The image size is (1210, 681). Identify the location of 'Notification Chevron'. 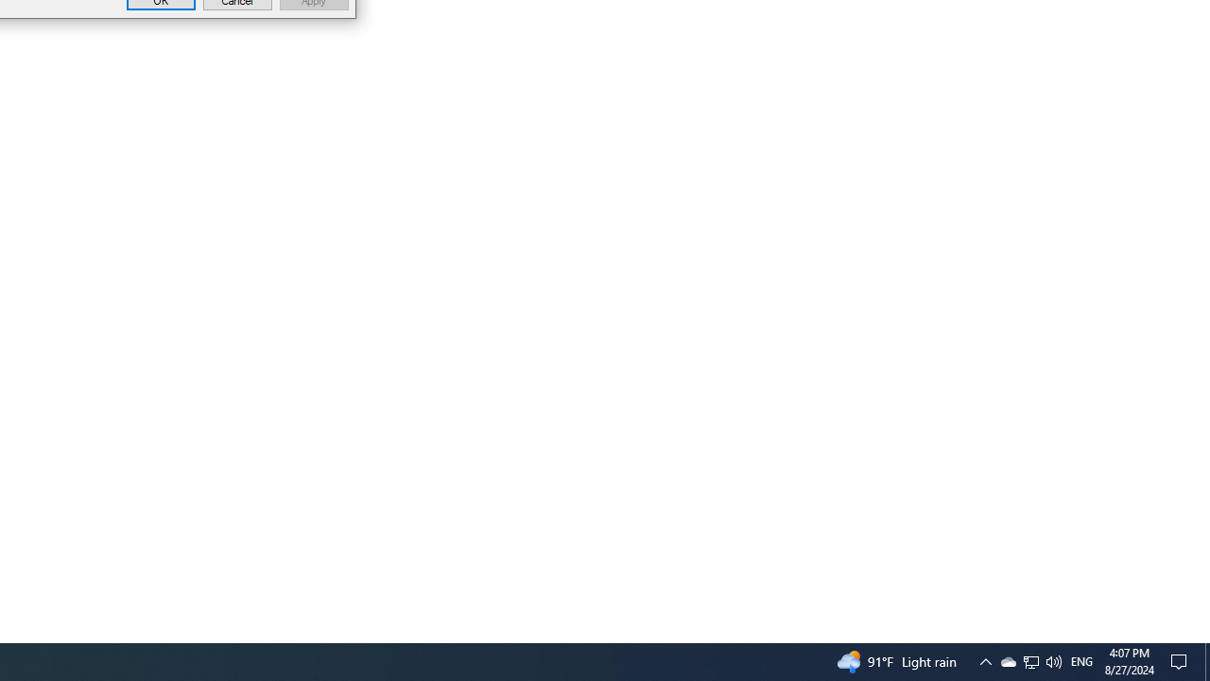
(984, 660).